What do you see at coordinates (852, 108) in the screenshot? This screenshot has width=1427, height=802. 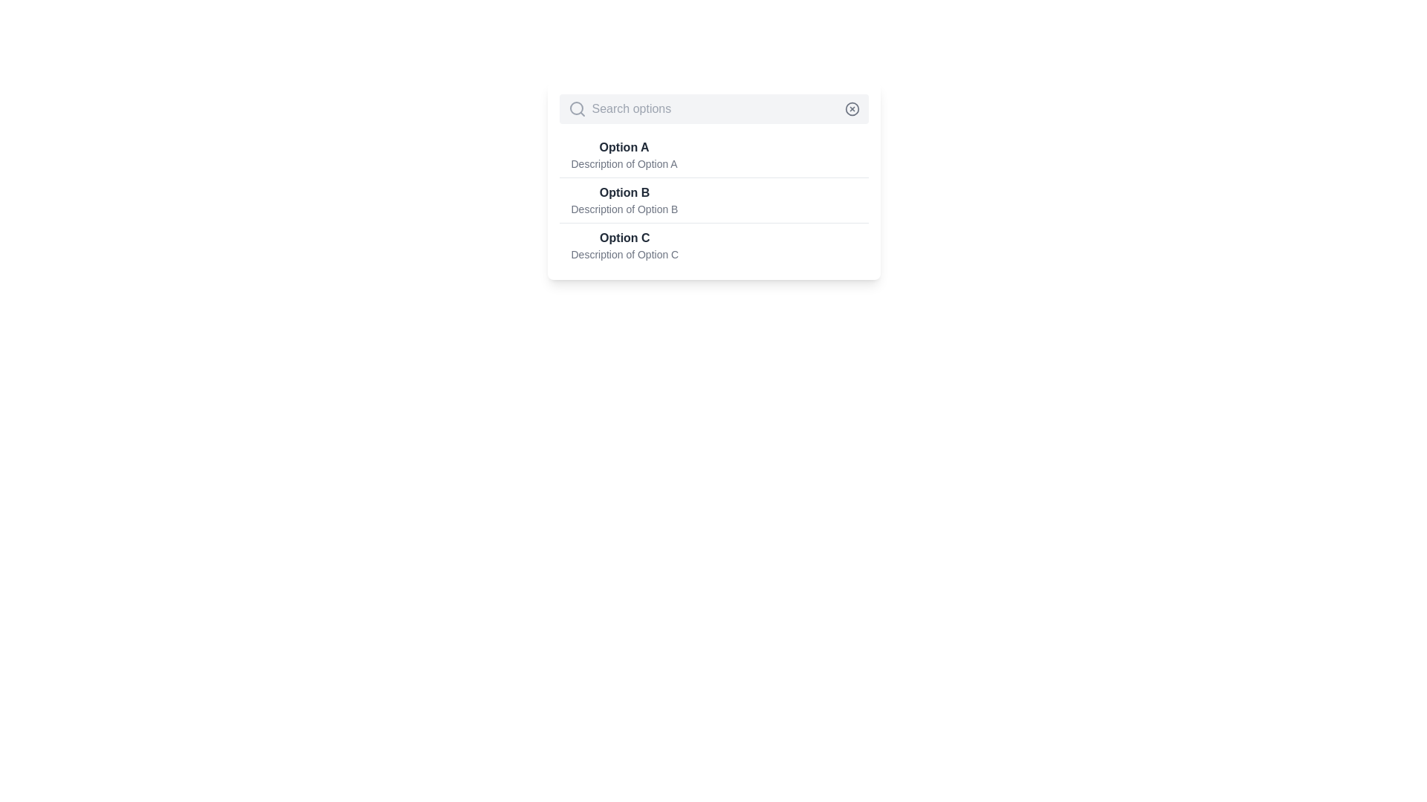 I see `the close button located at the rightmost position of the search bar to clear the input field or close the search interface` at bounding box center [852, 108].